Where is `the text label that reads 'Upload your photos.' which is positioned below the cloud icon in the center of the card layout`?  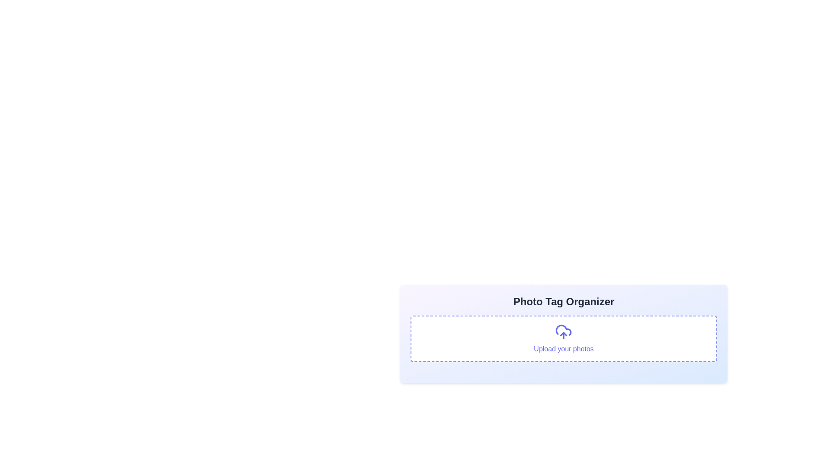
the text label that reads 'Upload your photos.' which is positioned below the cloud icon in the center of the card layout is located at coordinates (564, 349).